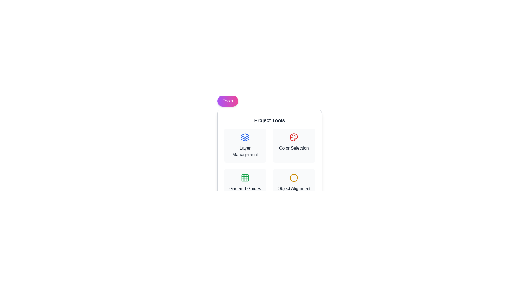  What do you see at coordinates (245, 152) in the screenshot?
I see `the 'Layer Management' text label element, which is styled in gray with medium font weight and located within the 'Project Tools' panel, directly below the layers icon` at bounding box center [245, 152].